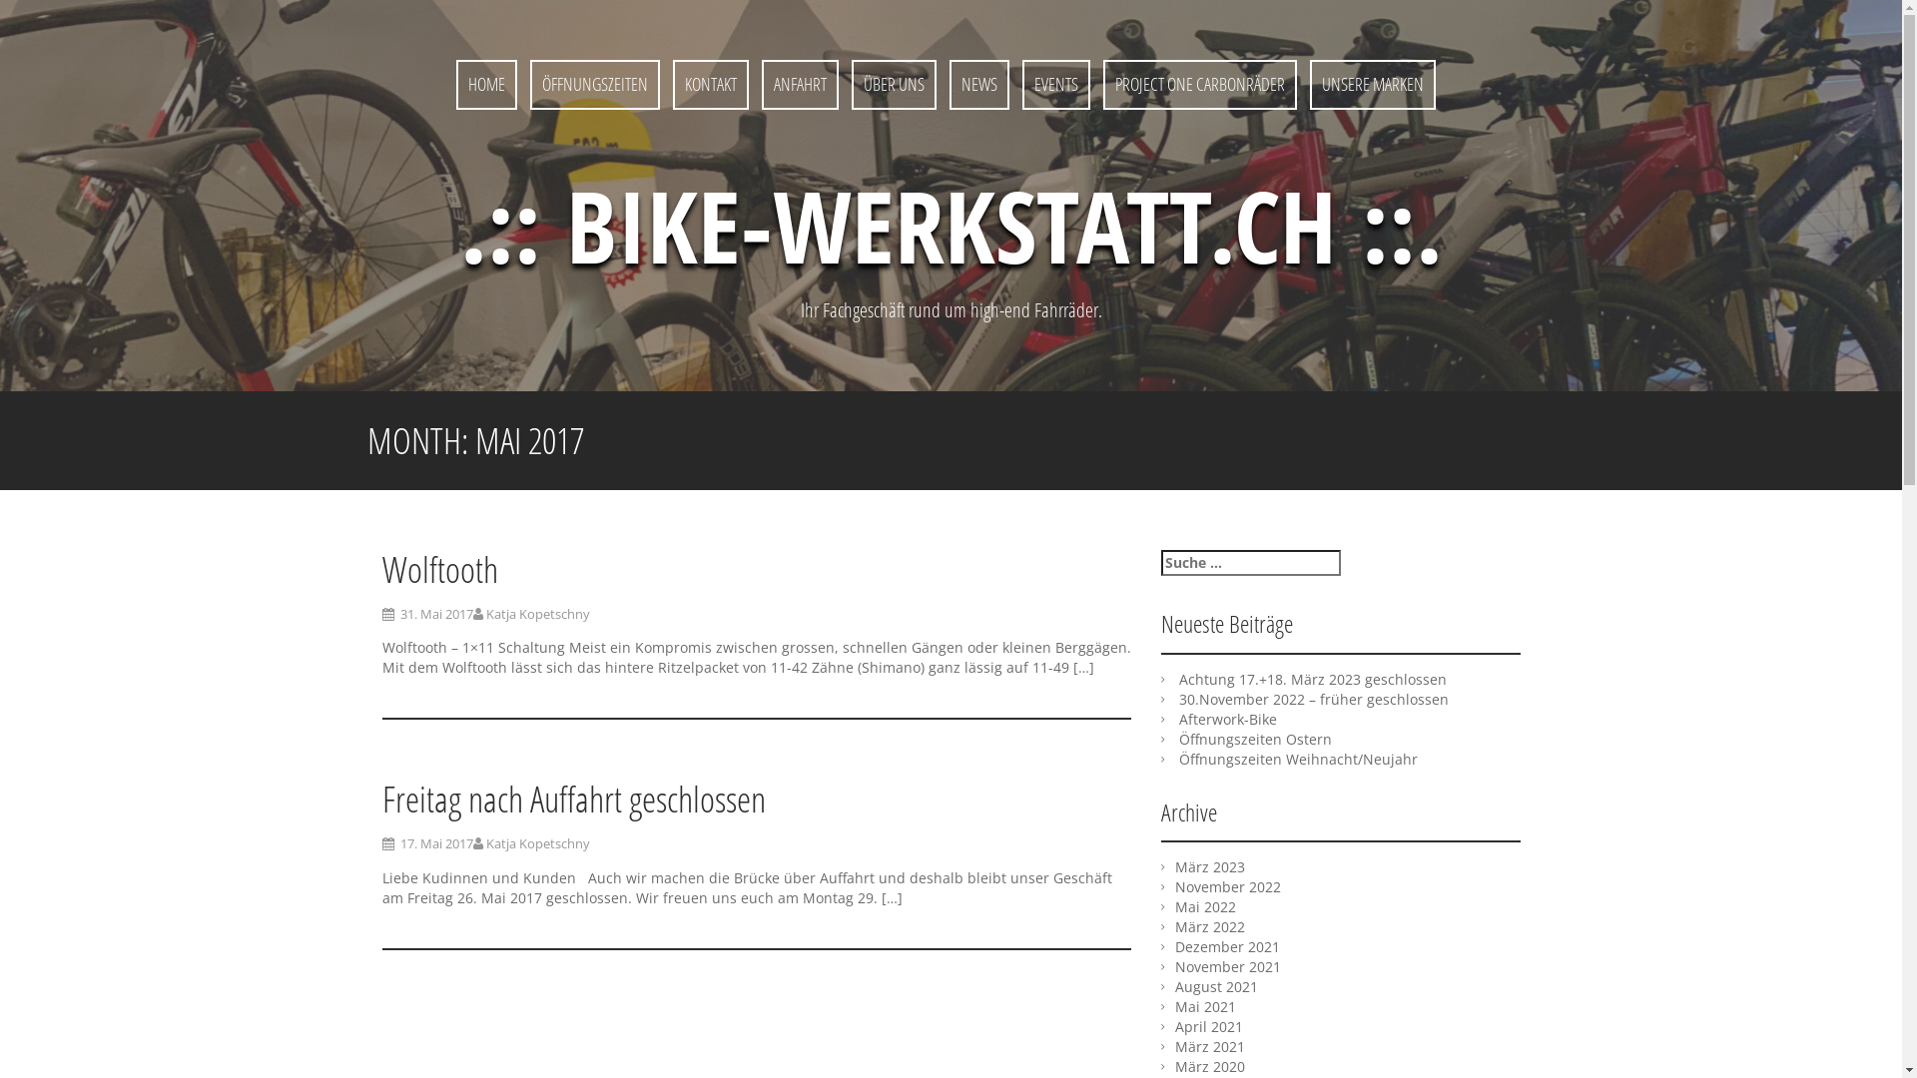 The image size is (1917, 1078). What do you see at coordinates (1174, 885) in the screenshot?
I see `'November 2022'` at bounding box center [1174, 885].